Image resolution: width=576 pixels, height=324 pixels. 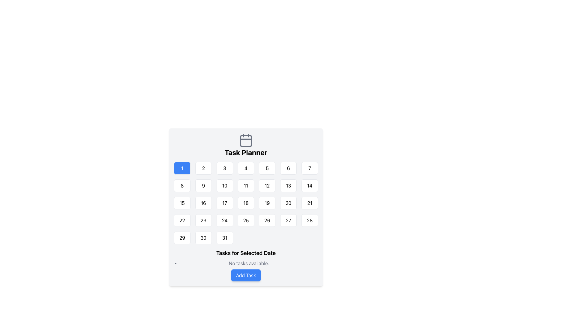 I want to click on the button displaying the number '3', which has a white background and black text, so click(x=224, y=168).